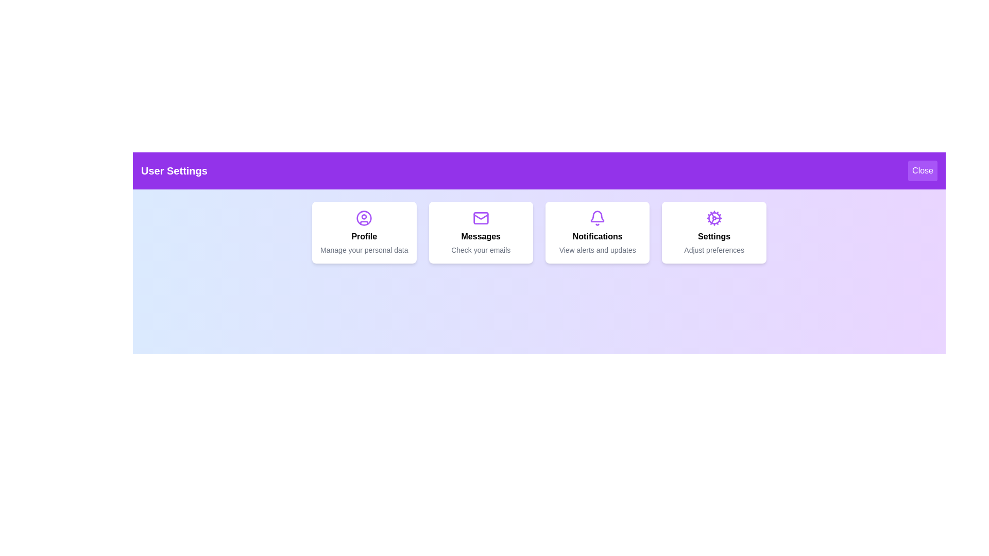 The width and height of the screenshot is (989, 556). I want to click on the 'Close' button to toggle the visibility of the menu, so click(923, 170).